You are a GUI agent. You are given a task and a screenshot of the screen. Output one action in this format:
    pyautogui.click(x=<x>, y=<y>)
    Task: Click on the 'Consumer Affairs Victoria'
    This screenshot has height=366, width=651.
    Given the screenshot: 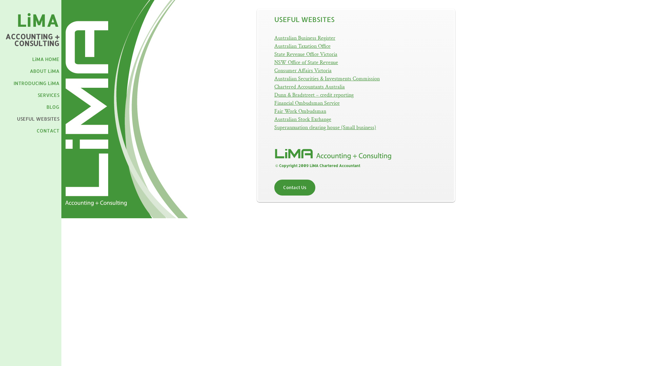 What is the action you would take?
    pyautogui.click(x=302, y=70)
    